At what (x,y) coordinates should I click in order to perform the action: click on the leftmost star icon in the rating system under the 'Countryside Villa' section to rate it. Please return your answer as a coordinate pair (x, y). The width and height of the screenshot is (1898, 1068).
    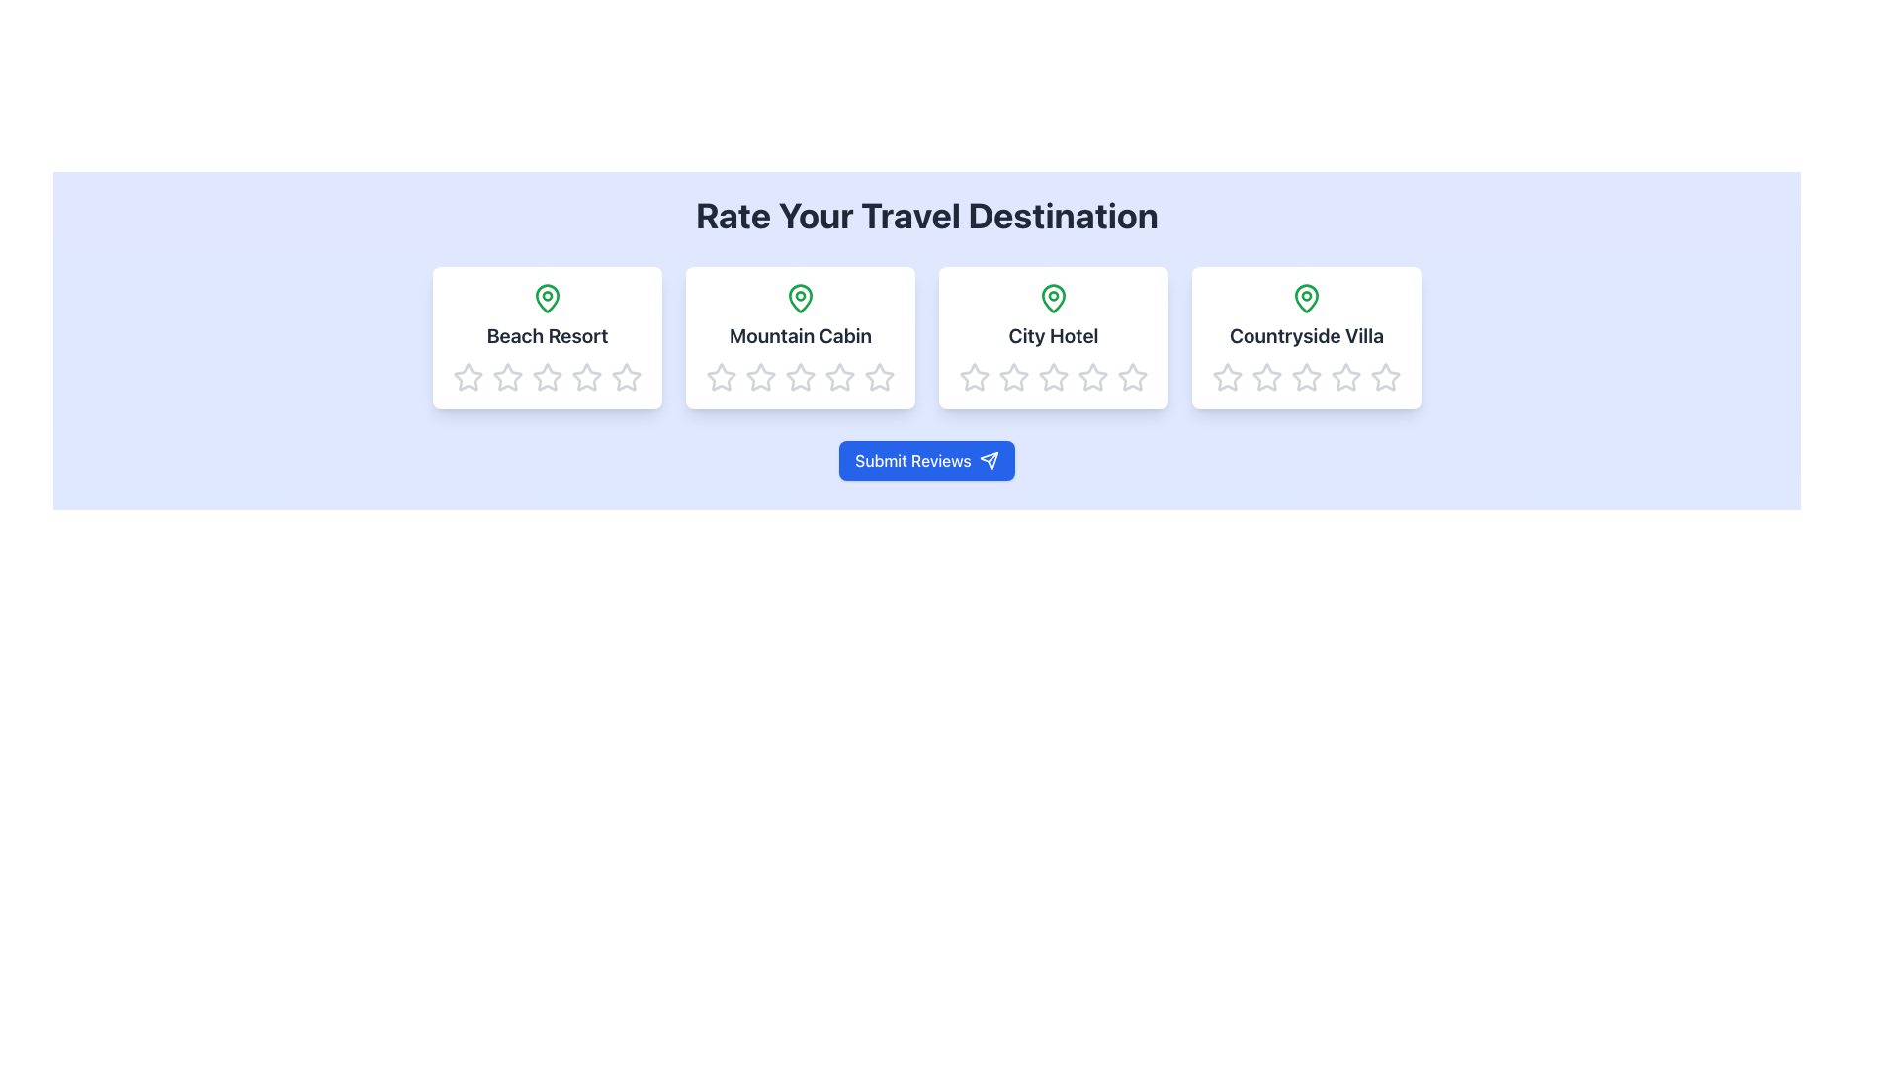
    Looking at the image, I should click on (1266, 377).